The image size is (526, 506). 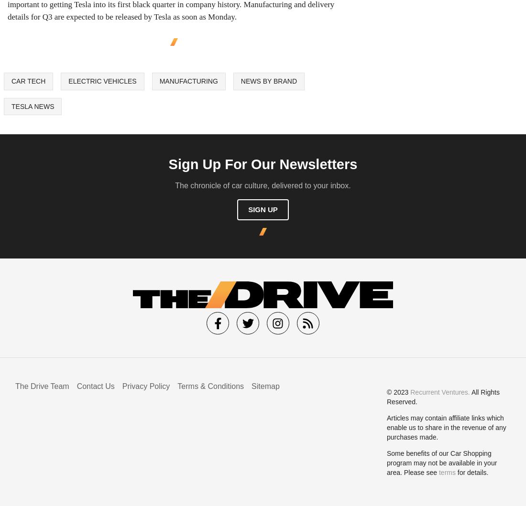 I want to click on 'terms', so click(x=447, y=472).